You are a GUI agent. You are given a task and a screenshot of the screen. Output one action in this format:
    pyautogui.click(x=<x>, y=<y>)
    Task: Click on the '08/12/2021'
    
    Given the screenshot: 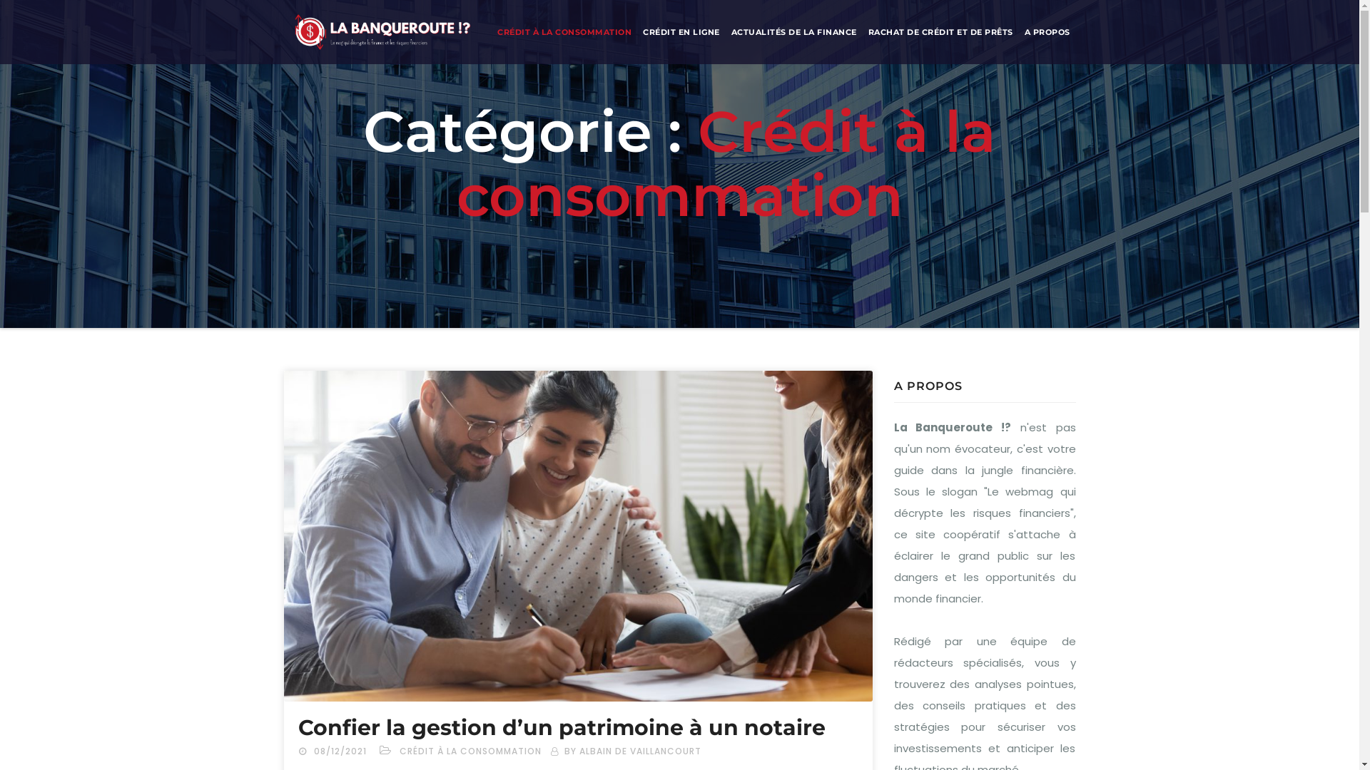 What is the action you would take?
    pyautogui.click(x=339, y=750)
    